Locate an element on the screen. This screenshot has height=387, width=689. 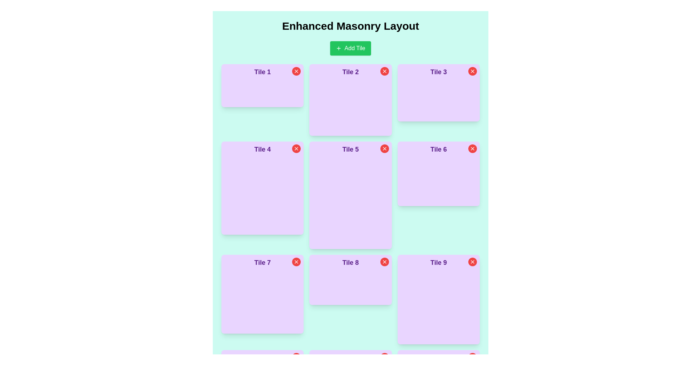
the dismiss button located at the top-right corner of the box labeled 'Tile 4' is located at coordinates (296, 148).